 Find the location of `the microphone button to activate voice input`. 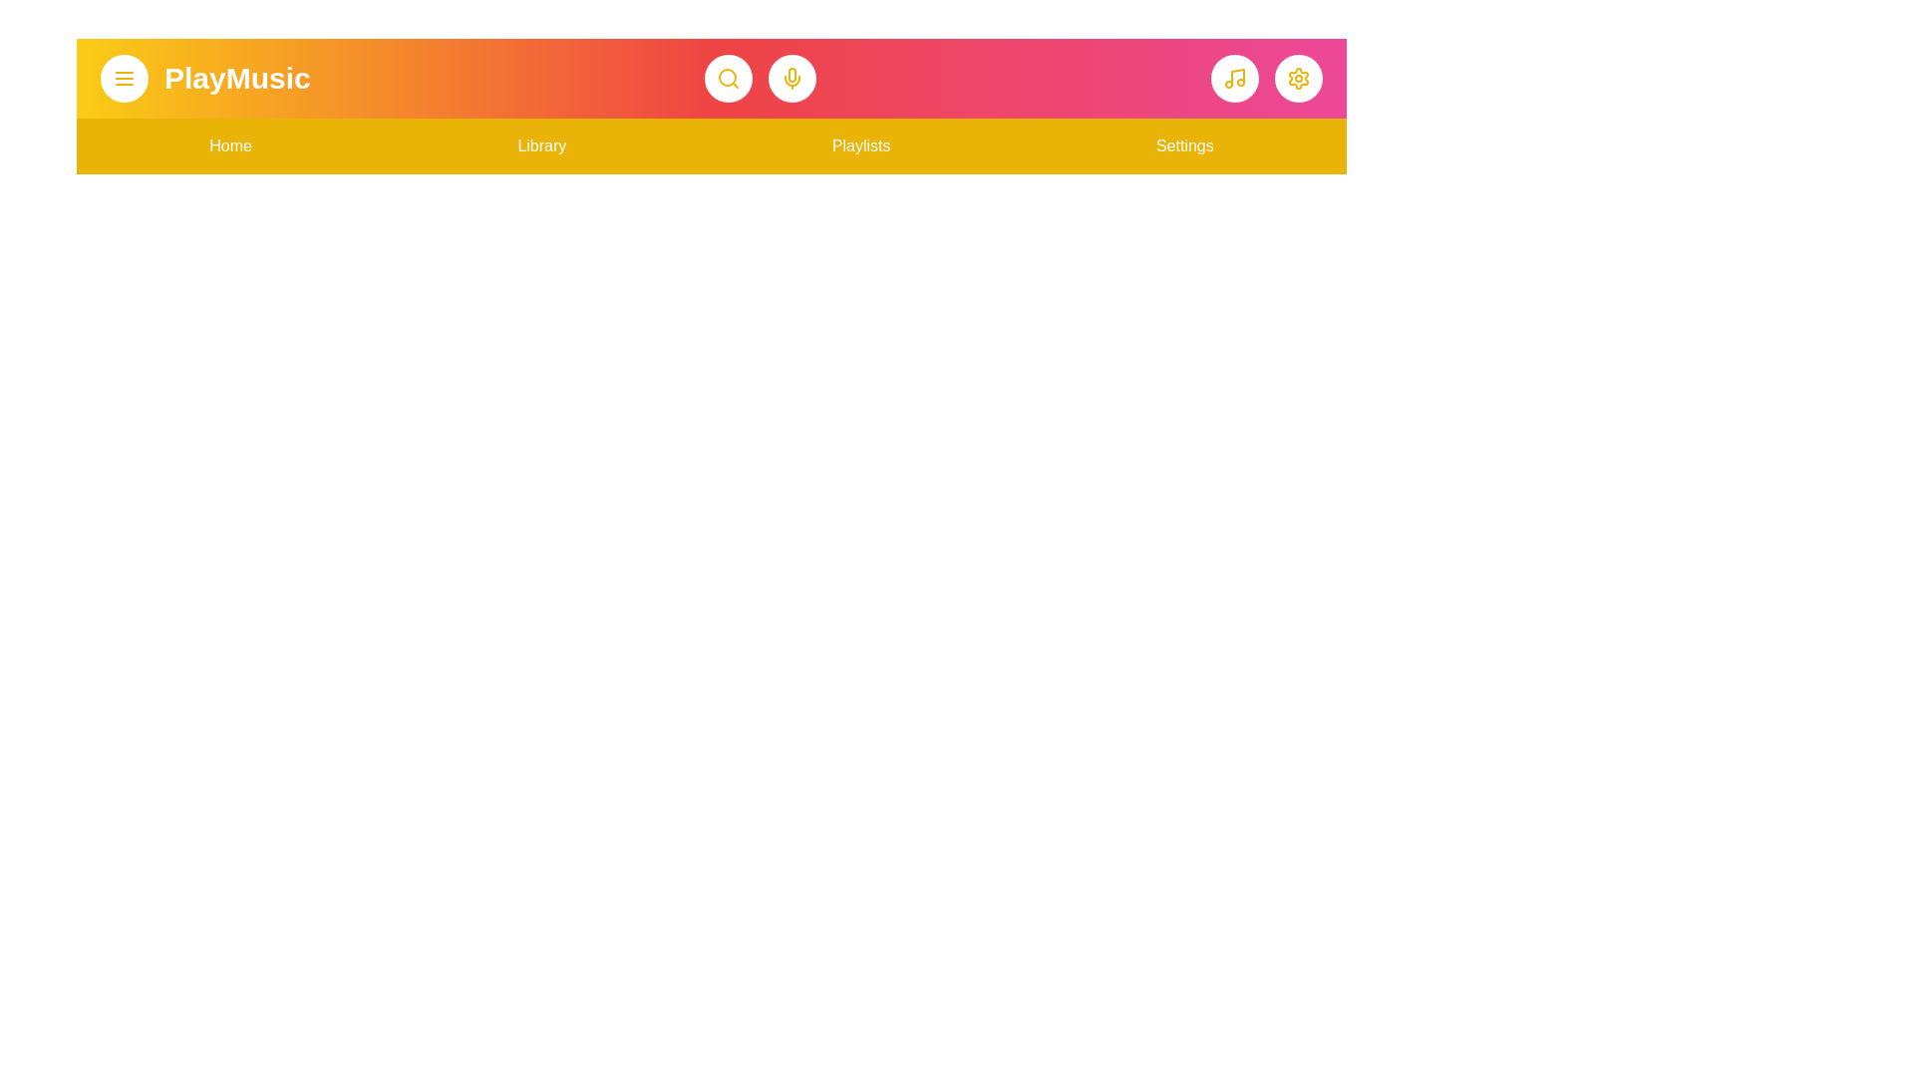

the microphone button to activate voice input is located at coordinates (792, 77).